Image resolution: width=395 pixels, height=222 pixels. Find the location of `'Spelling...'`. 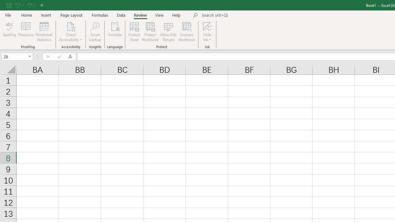

'Spelling...' is located at coordinates (10, 32).